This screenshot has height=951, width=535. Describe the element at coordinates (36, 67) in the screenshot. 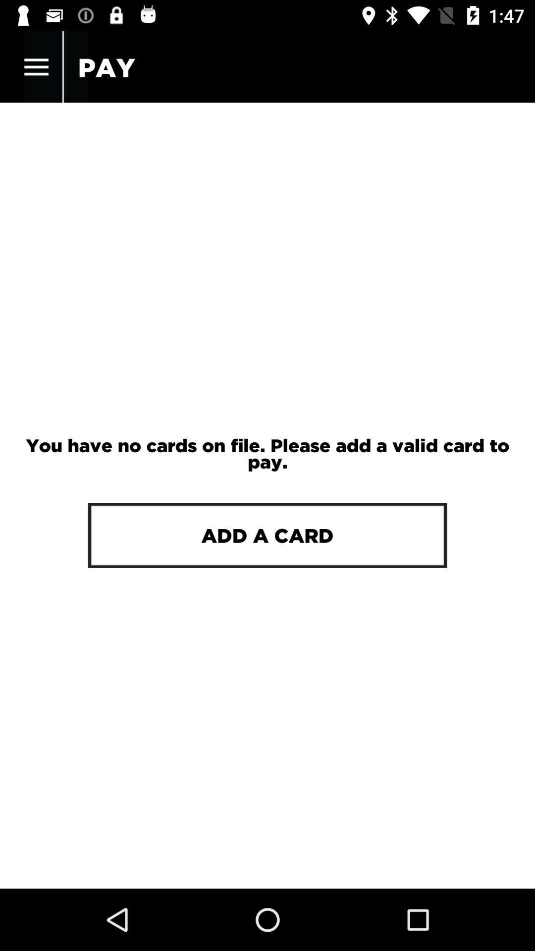

I see `the item above you have no icon` at that location.